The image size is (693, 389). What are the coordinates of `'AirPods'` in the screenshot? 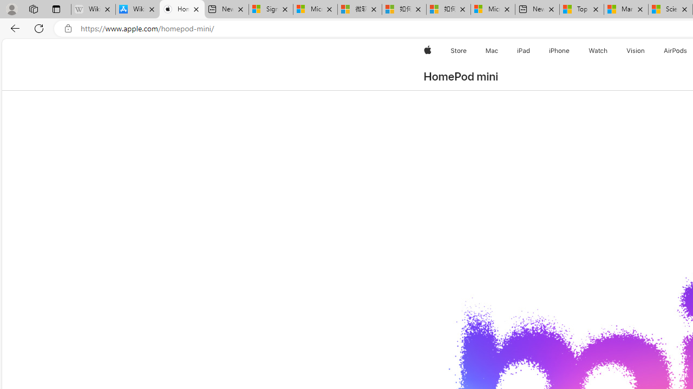 It's located at (675, 50).